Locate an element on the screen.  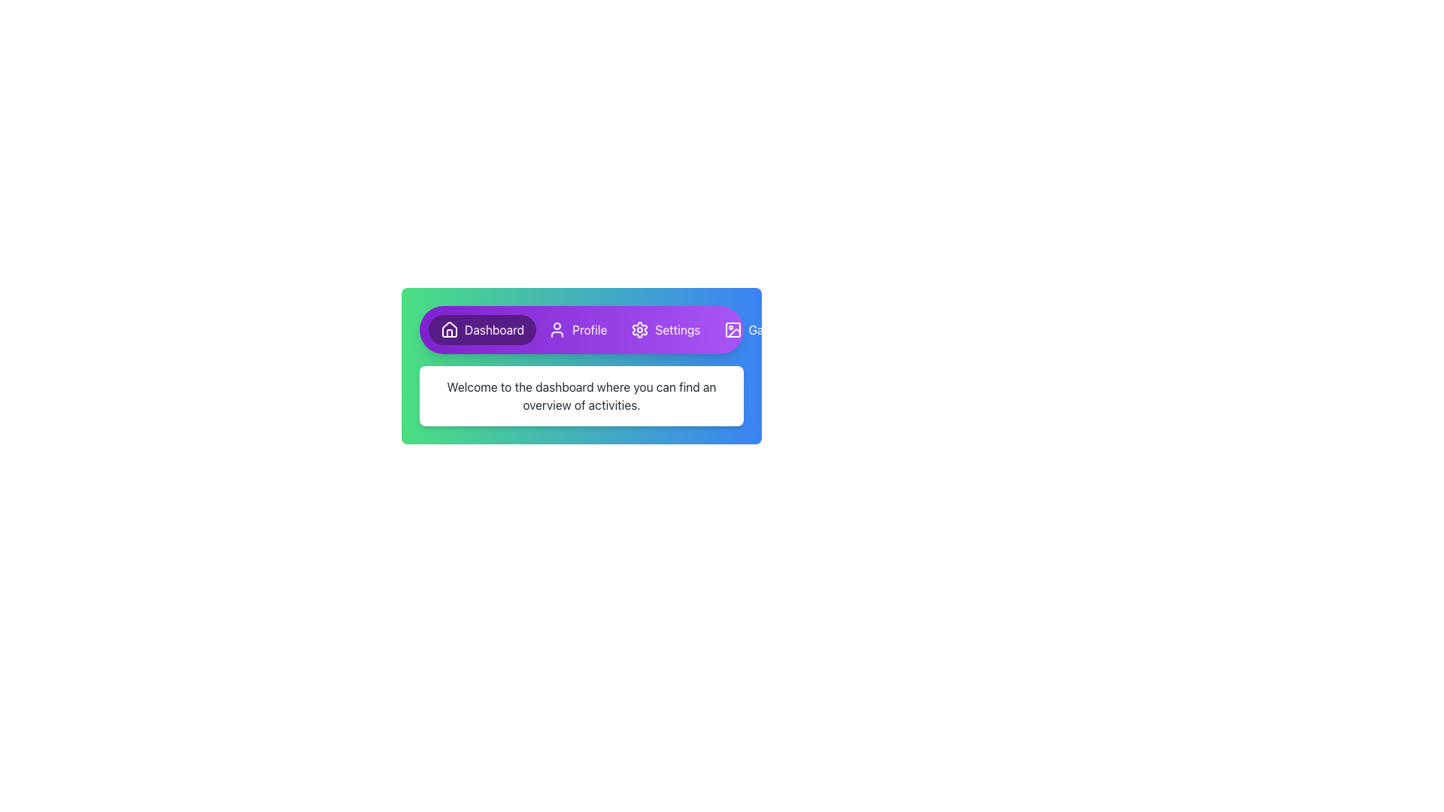
the horizontally elongated purple button labeled 'Profile' with a user profile icon is located at coordinates (577, 329).